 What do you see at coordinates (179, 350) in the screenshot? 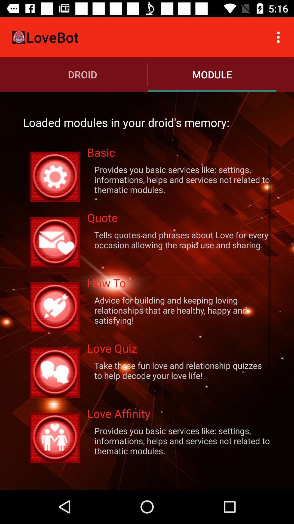
I see `the love quiz` at bounding box center [179, 350].